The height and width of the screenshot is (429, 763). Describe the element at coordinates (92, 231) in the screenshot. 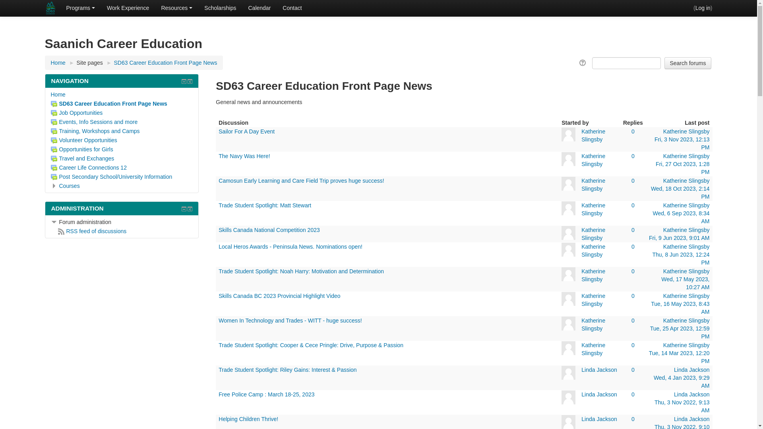

I see `'RSS feed of discussions'` at that location.